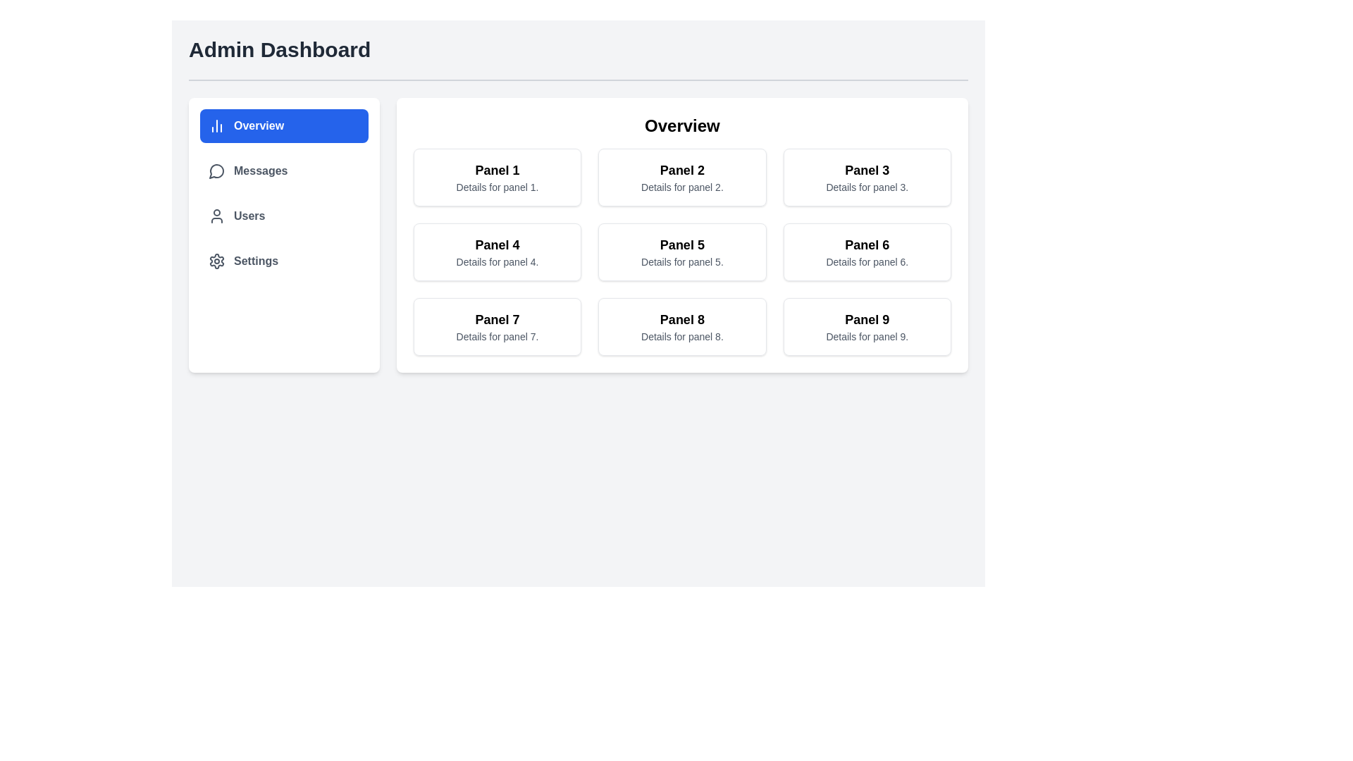  I want to click on the navigation button located at the top of the left sidebar, above the 'Messages', 'Users', and 'Settings' buttons, so click(283, 125).